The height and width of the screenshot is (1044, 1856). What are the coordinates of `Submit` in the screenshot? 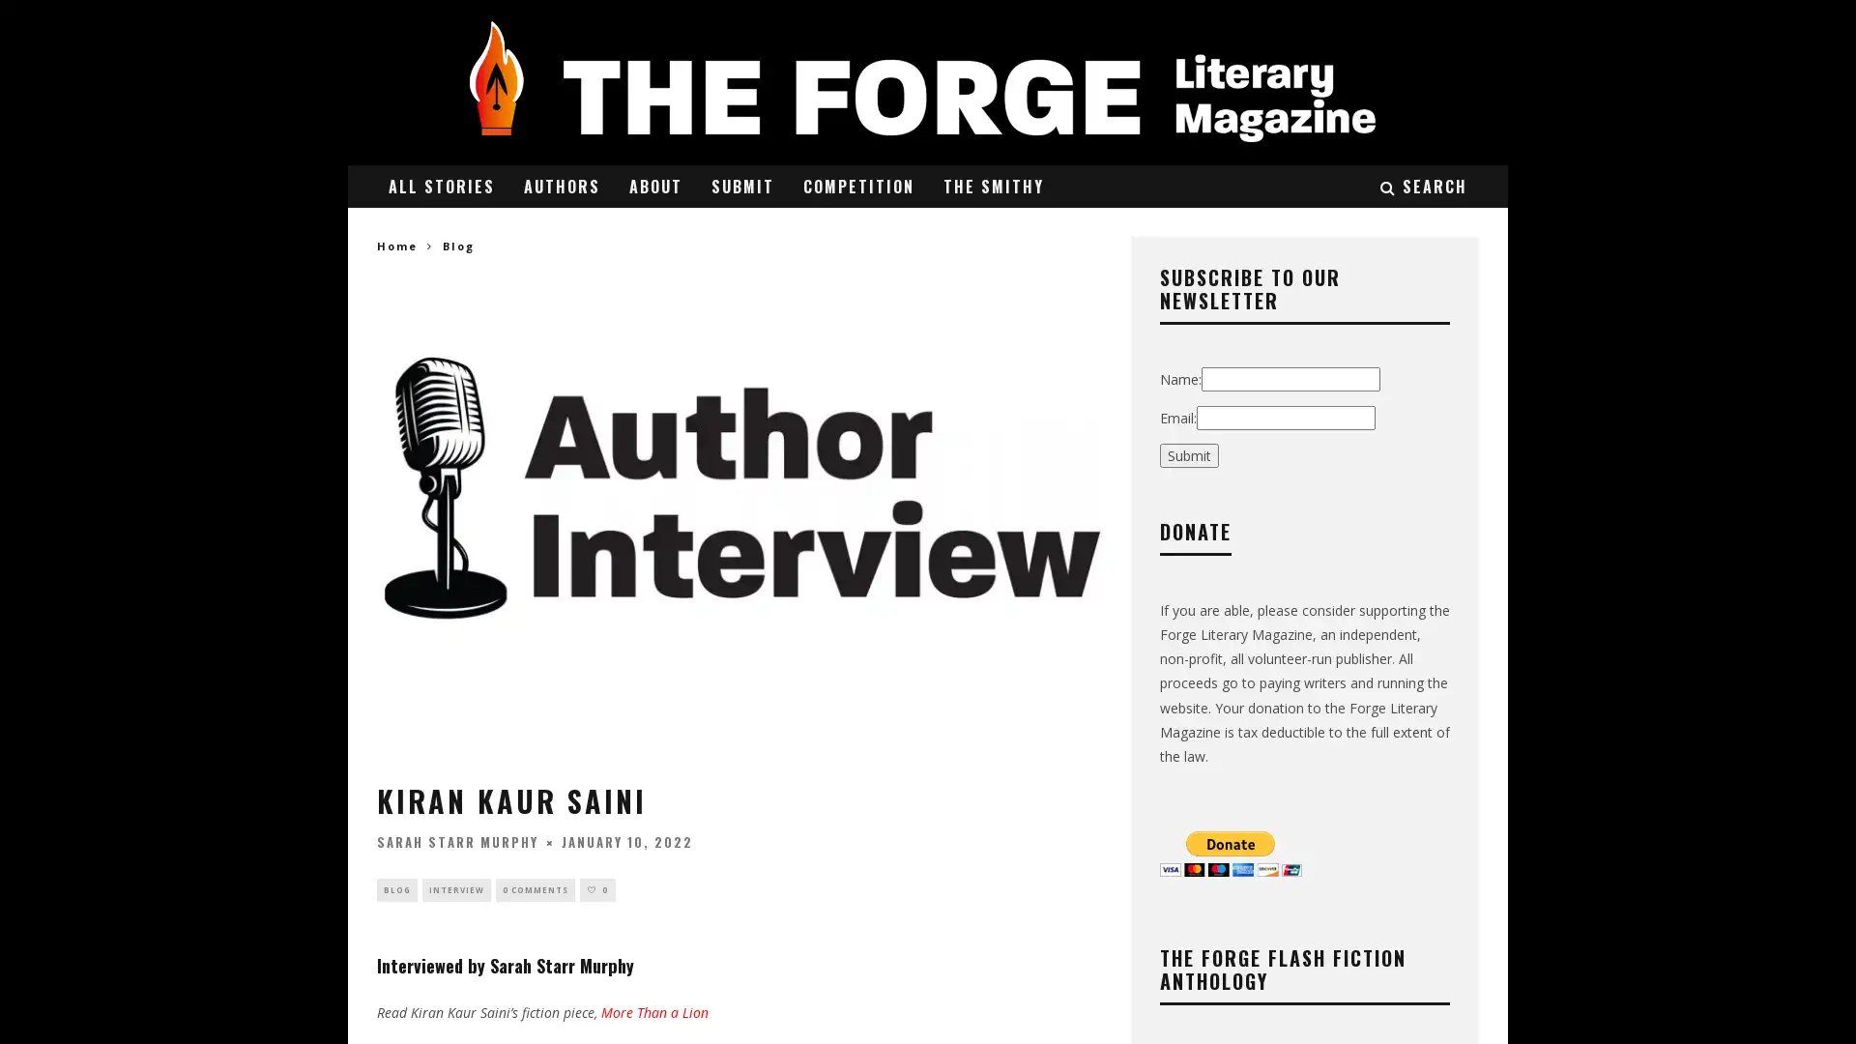 It's located at (1188, 454).